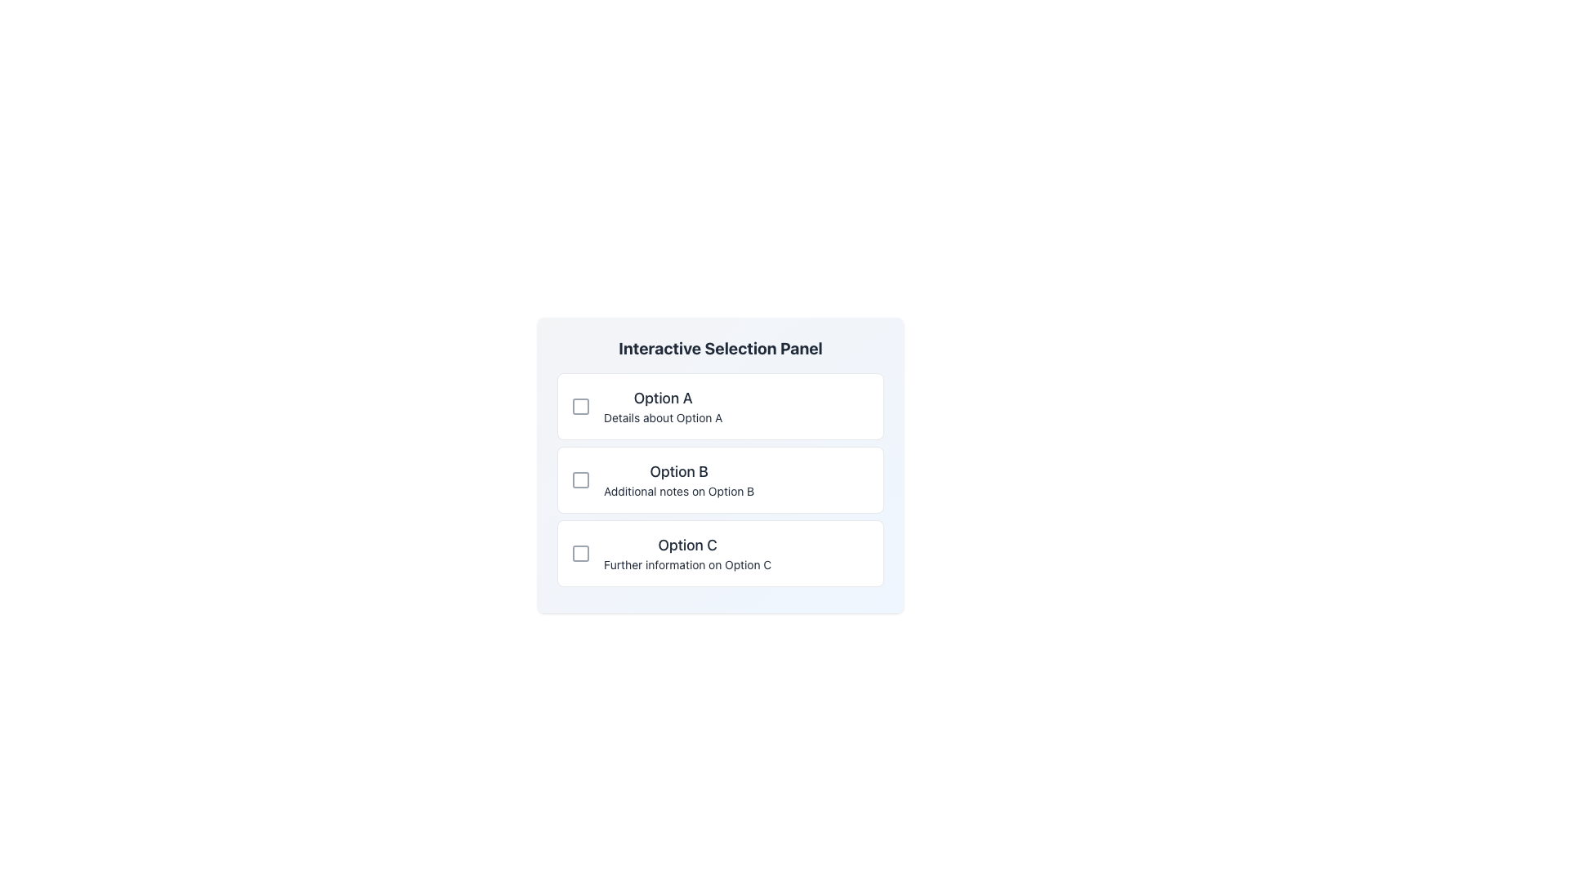 The image size is (1569, 882). What do you see at coordinates (720, 479) in the screenshot?
I see `the Option card titled 'Option B' that contains a checkbox and additional notes, positioned in the center of the selection panel` at bounding box center [720, 479].